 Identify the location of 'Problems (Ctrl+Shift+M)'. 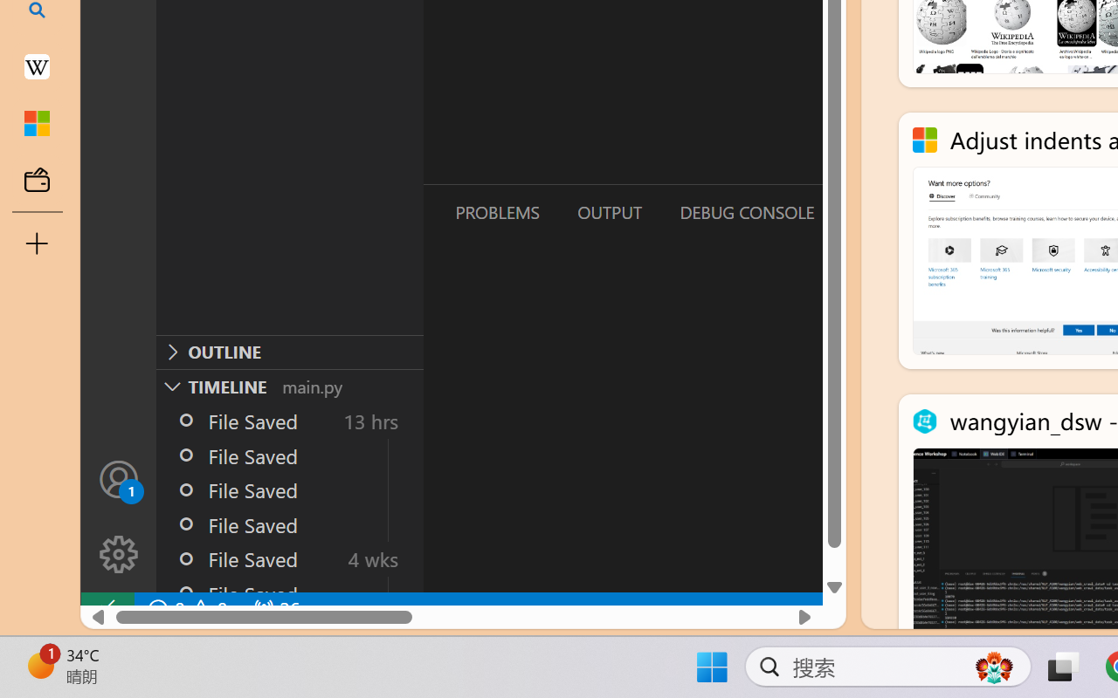
(495, 211).